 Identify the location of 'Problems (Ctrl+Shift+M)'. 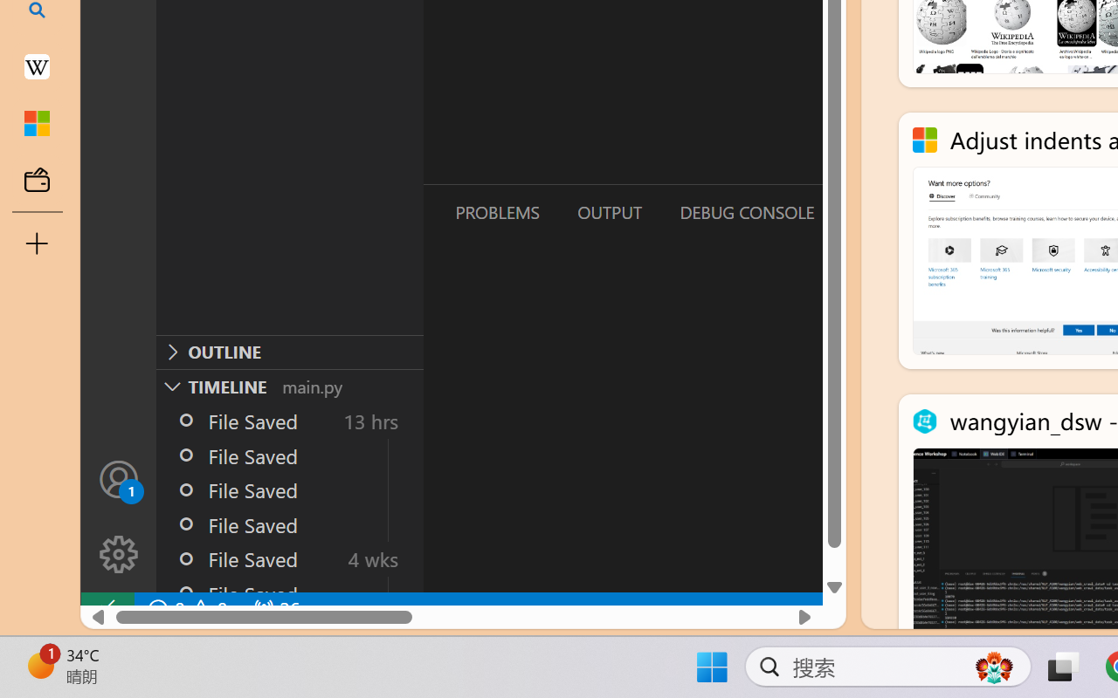
(495, 211).